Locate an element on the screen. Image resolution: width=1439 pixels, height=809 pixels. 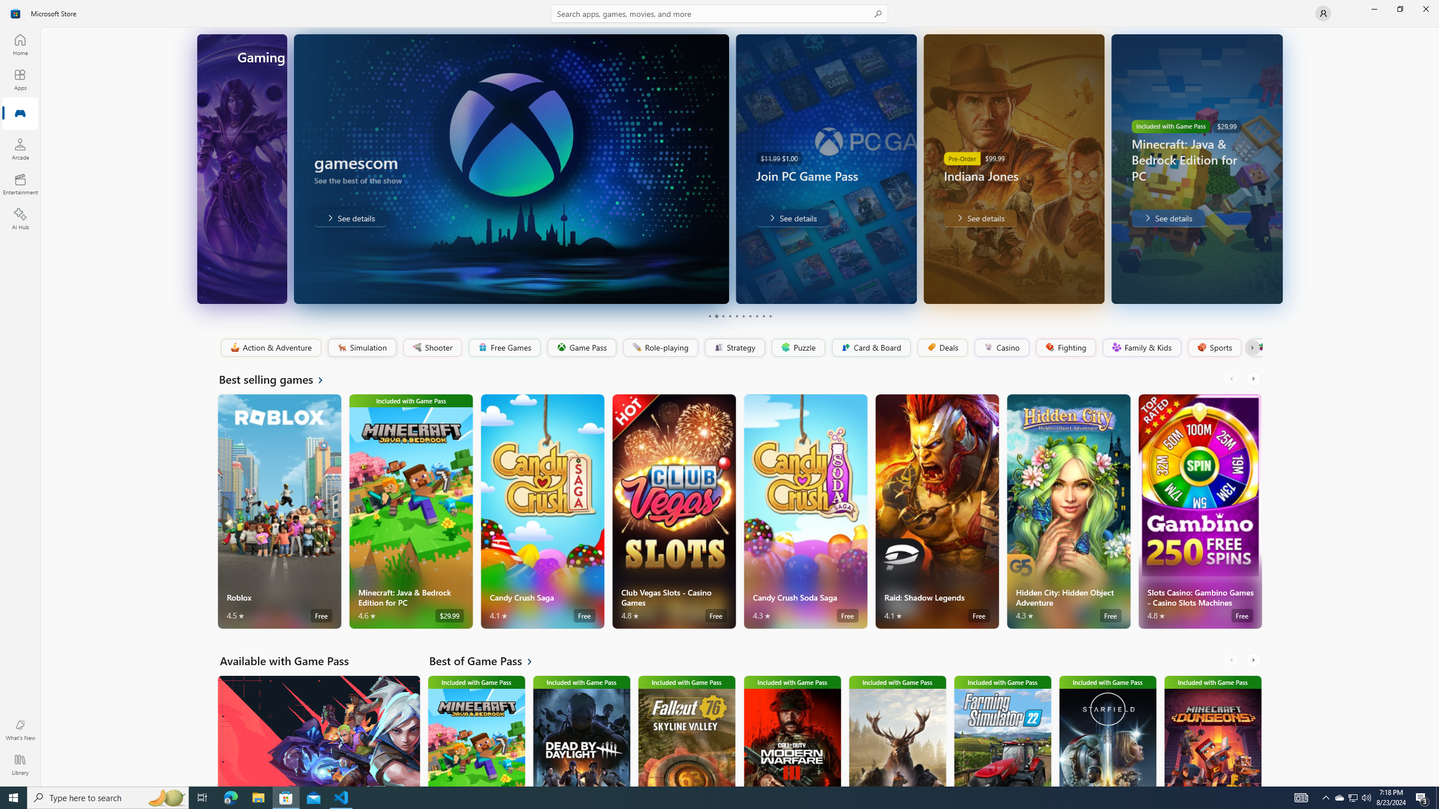
'User profile' is located at coordinates (1322, 12).